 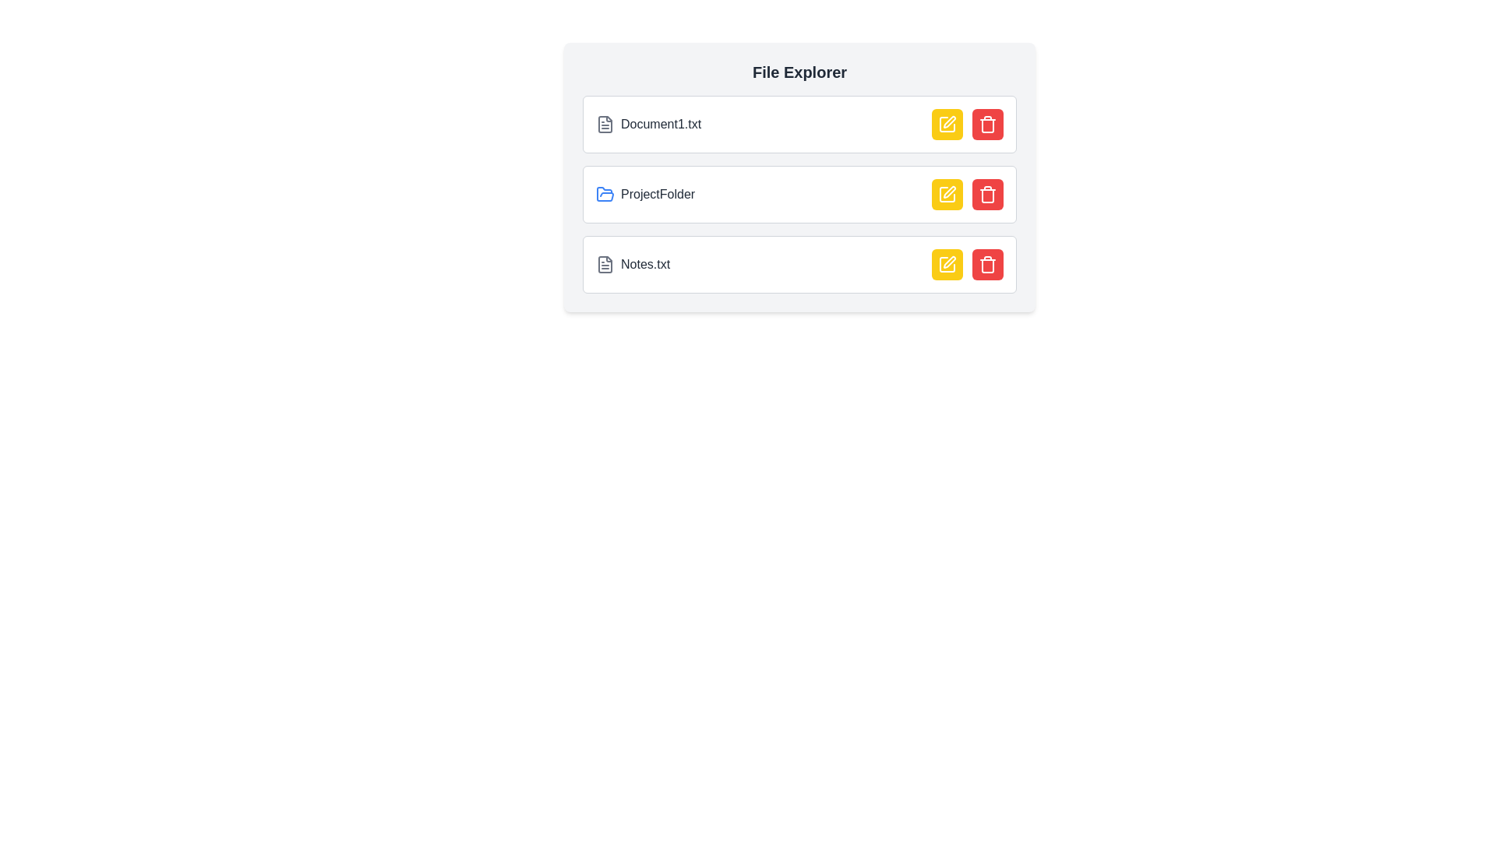 What do you see at coordinates (967, 123) in the screenshot?
I see `the yellow button in the control panel for the file 'Document1.txt'` at bounding box center [967, 123].